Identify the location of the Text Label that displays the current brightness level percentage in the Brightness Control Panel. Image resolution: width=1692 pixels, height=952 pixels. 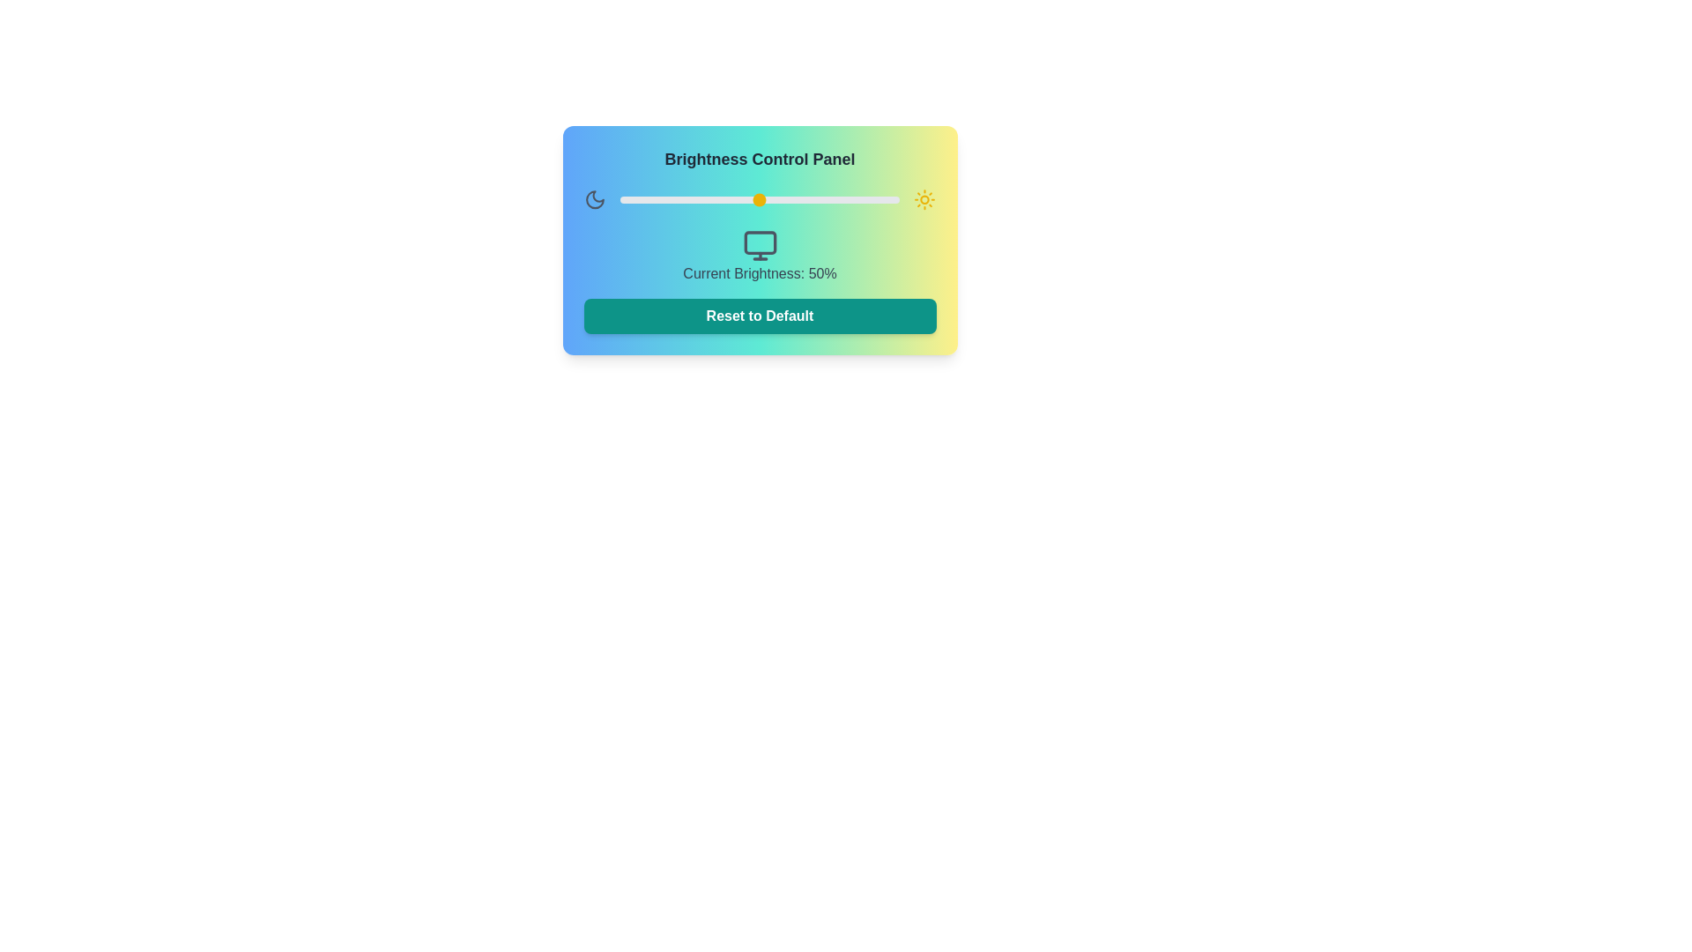
(760, 274).